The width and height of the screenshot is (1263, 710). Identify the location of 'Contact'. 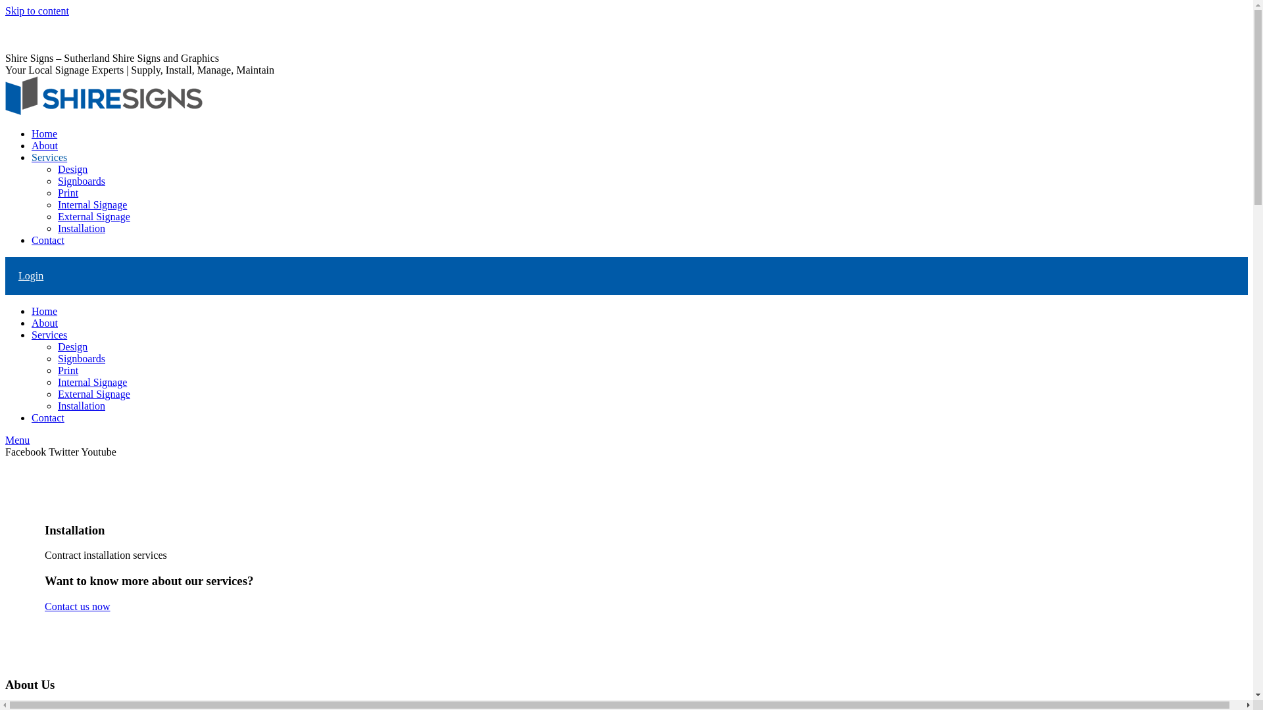
(47, 240).